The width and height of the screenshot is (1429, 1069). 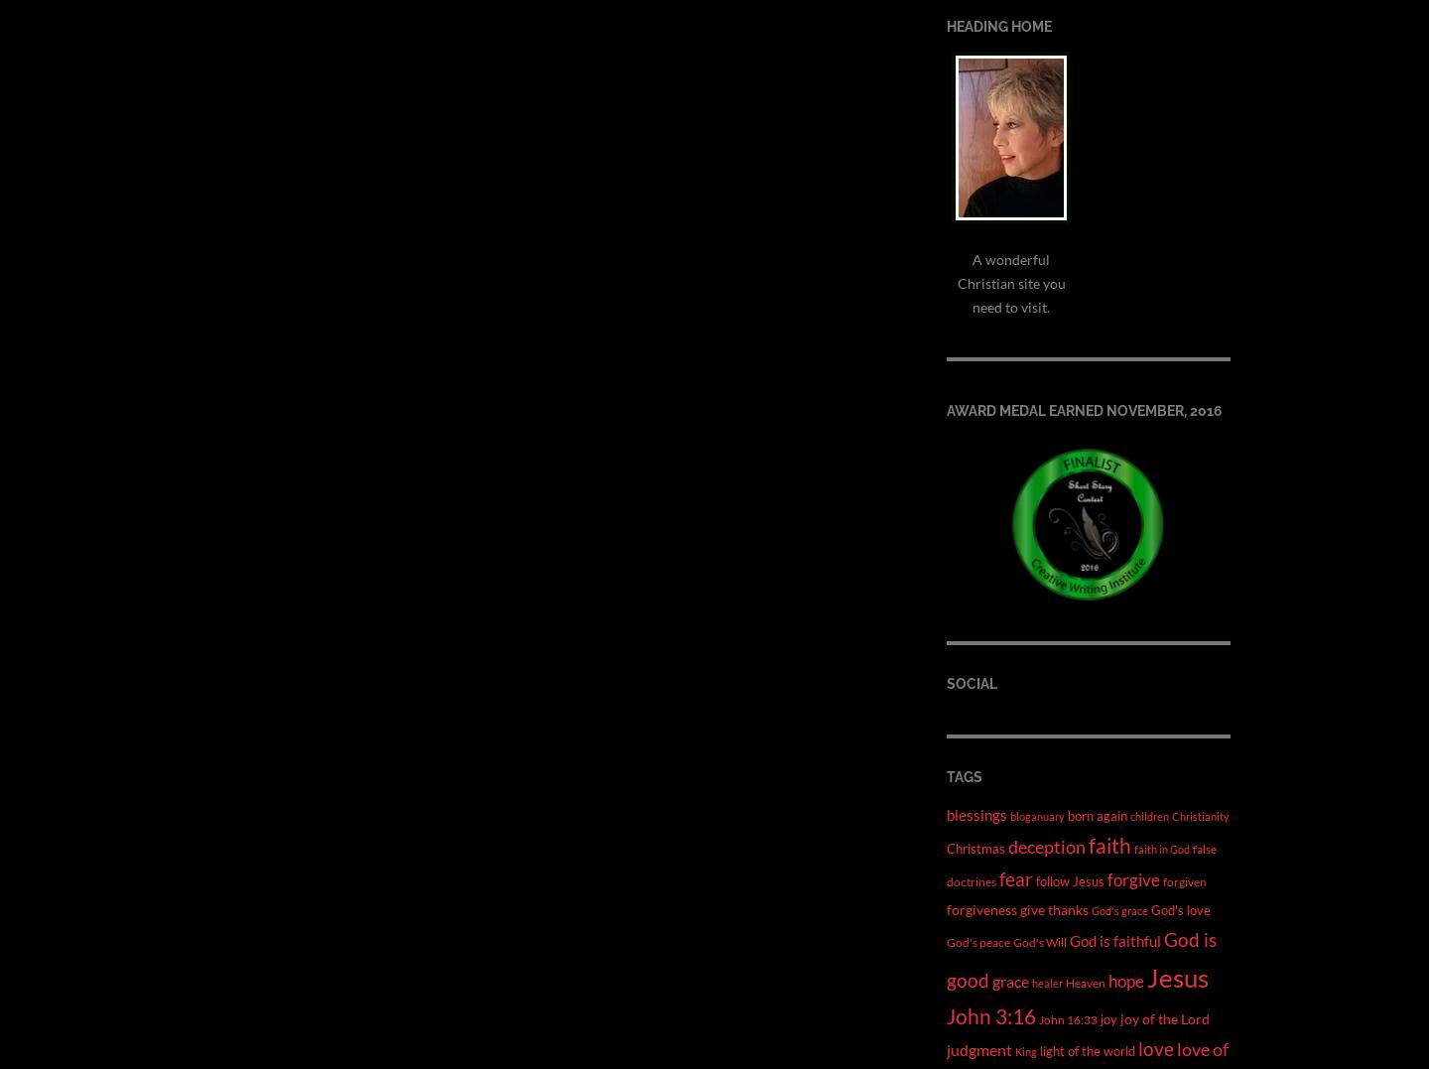 I want to click on 'God's love', so click(x=1151, y=908).